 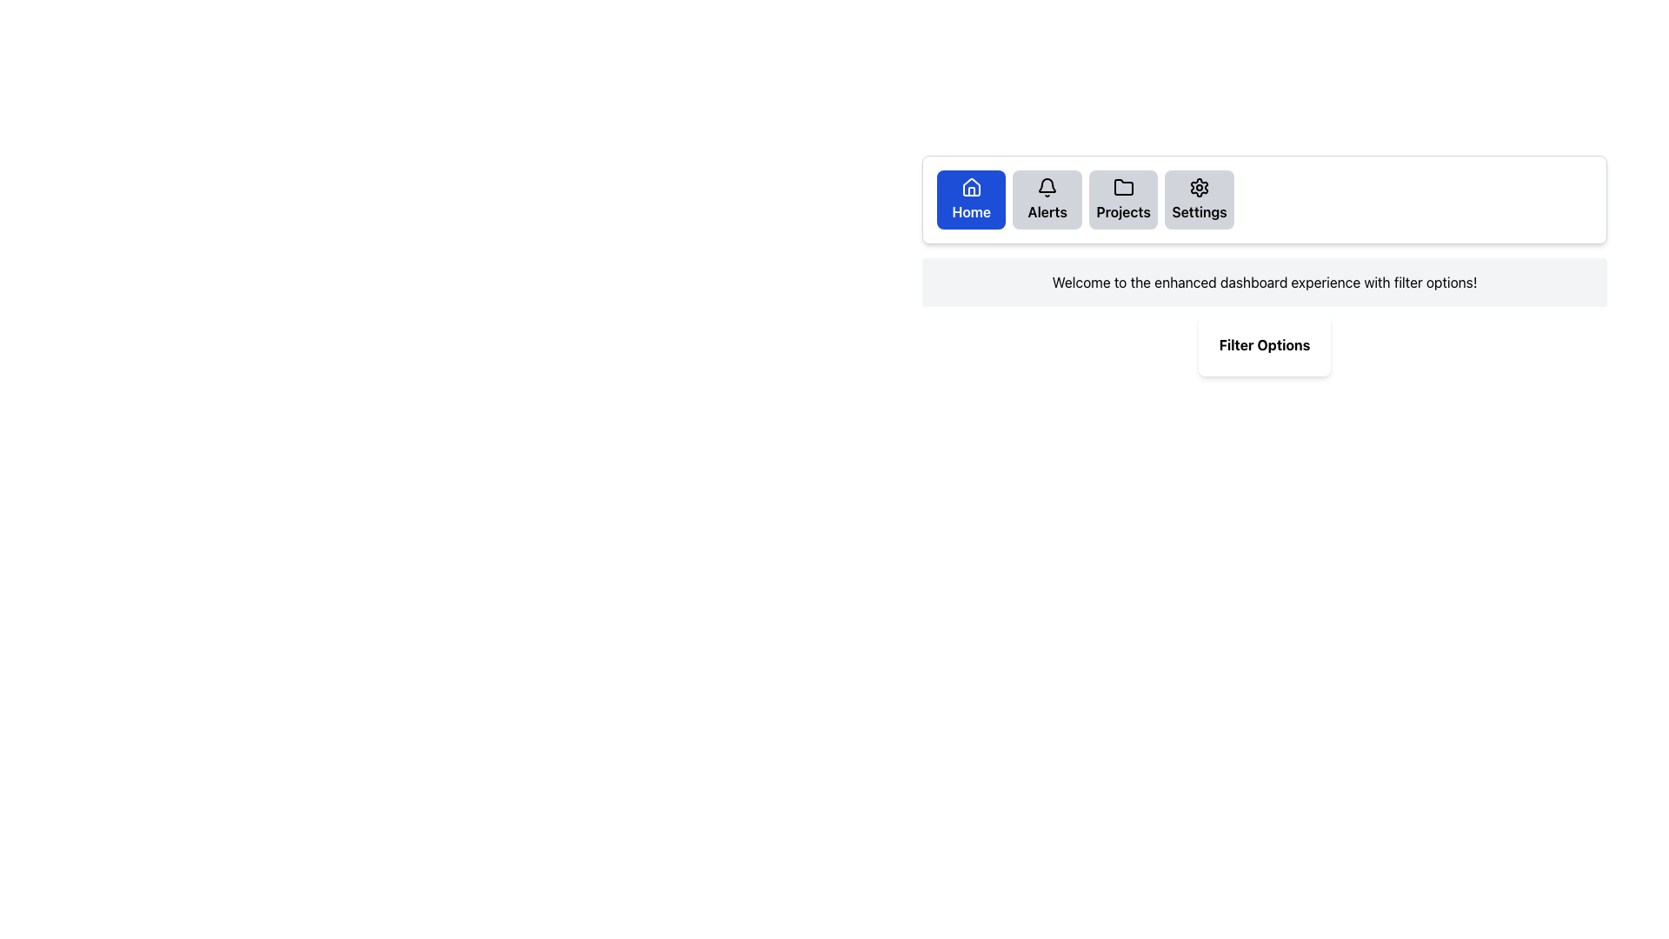 I want to click on the button labeled 'Projects', which is the third button in a horizontal grid layout at the top-right section of the page, so click(x=1123, y=199).